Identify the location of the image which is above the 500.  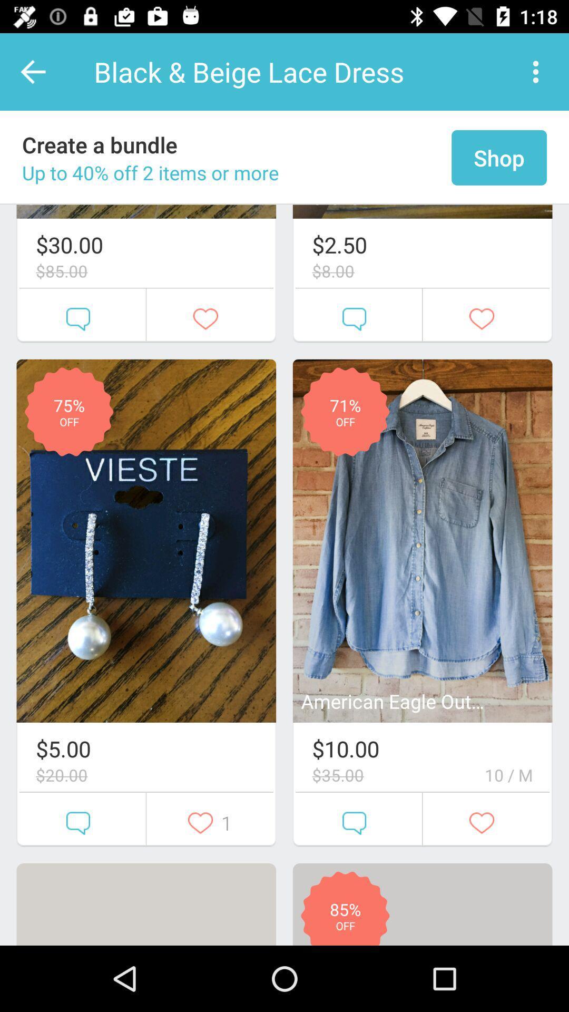
(146, 541).